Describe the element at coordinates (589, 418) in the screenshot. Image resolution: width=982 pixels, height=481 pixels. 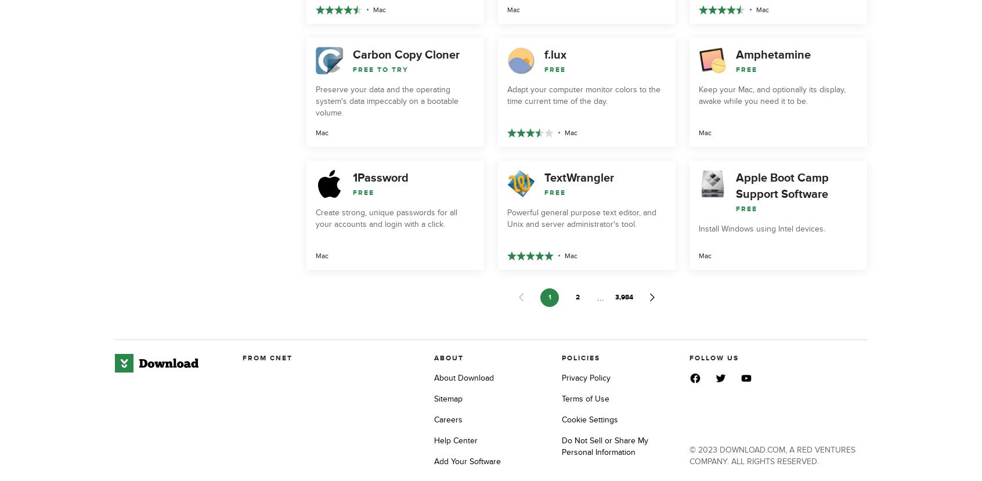
I see `'Cookie Settings'` at that location.